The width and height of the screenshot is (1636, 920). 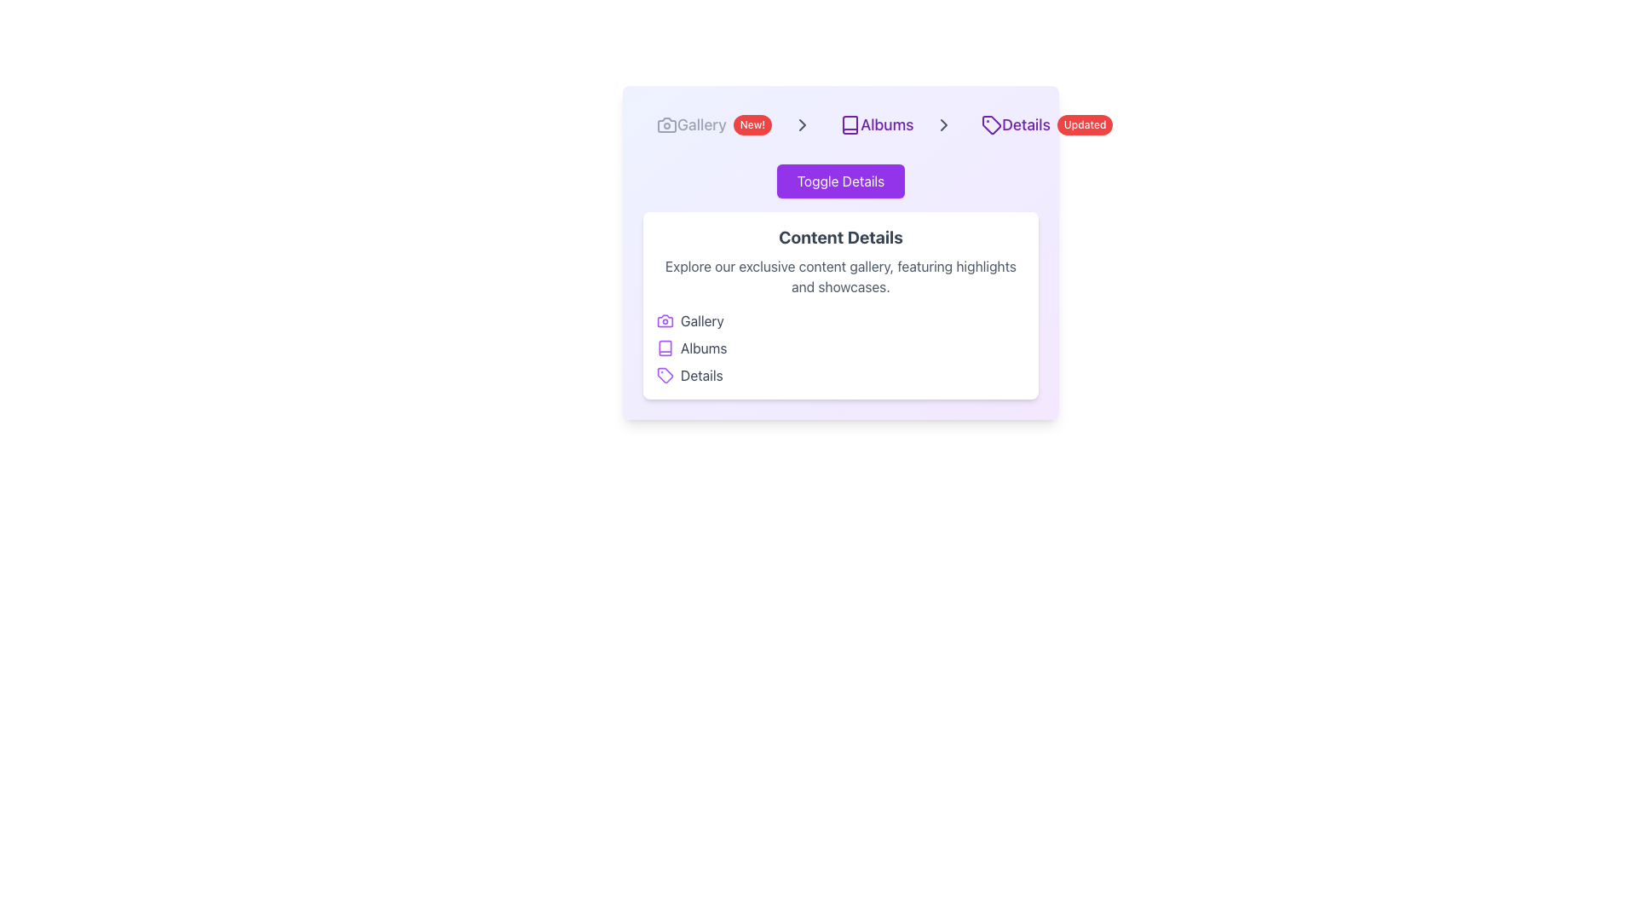 What do you see at coordinates (850, 124) in the screenshot?
I see `the book icon located to the left of the 'Albums' text link in the navigation bar` at bounding box center [850, 124].